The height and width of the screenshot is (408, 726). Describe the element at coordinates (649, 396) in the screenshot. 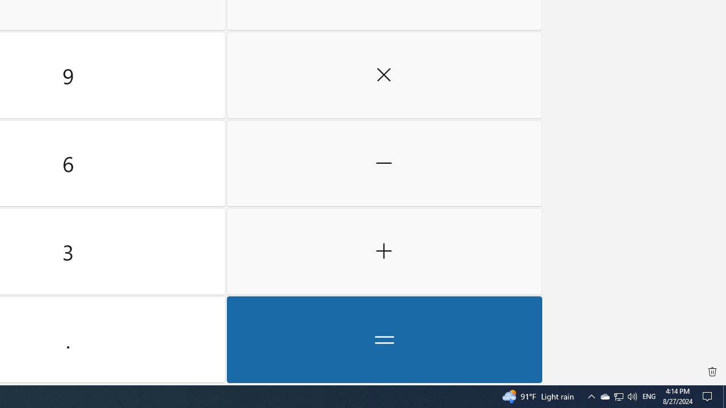

I see `'Tray Input Indicator - English (United States)'` at that location.